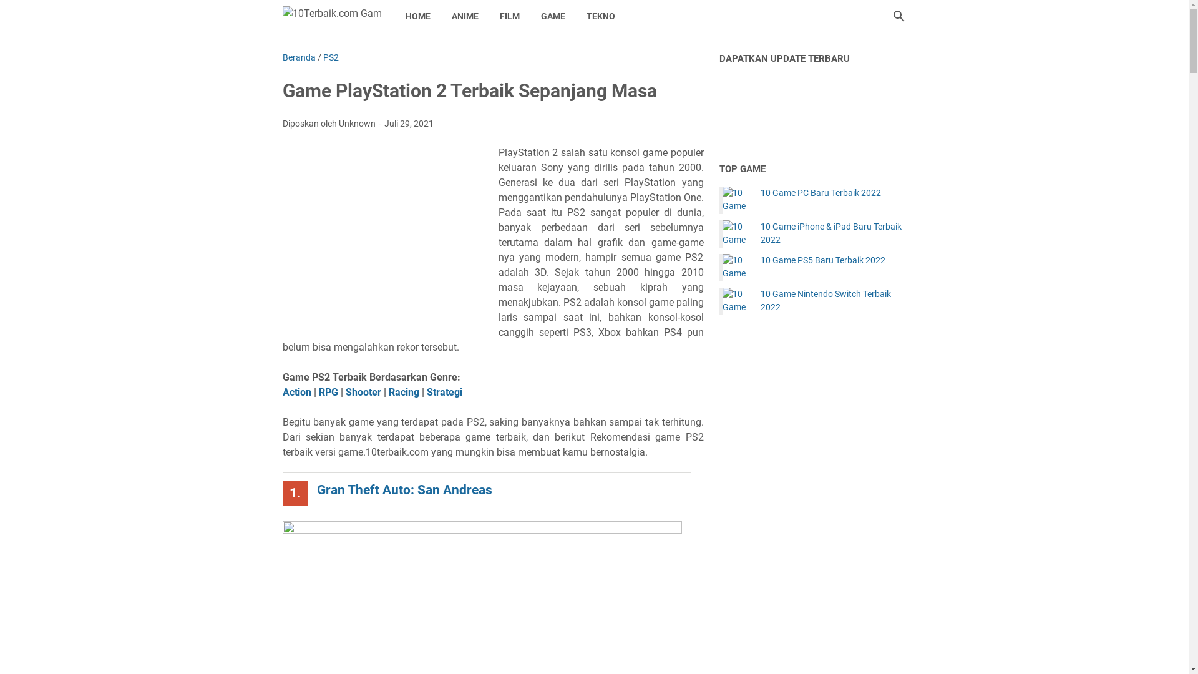 The height and width of the screenshot is (674, 1198). Describe the element at coordinates (574, 16) in the screenshot. I see `'TEKNO'` at that location.